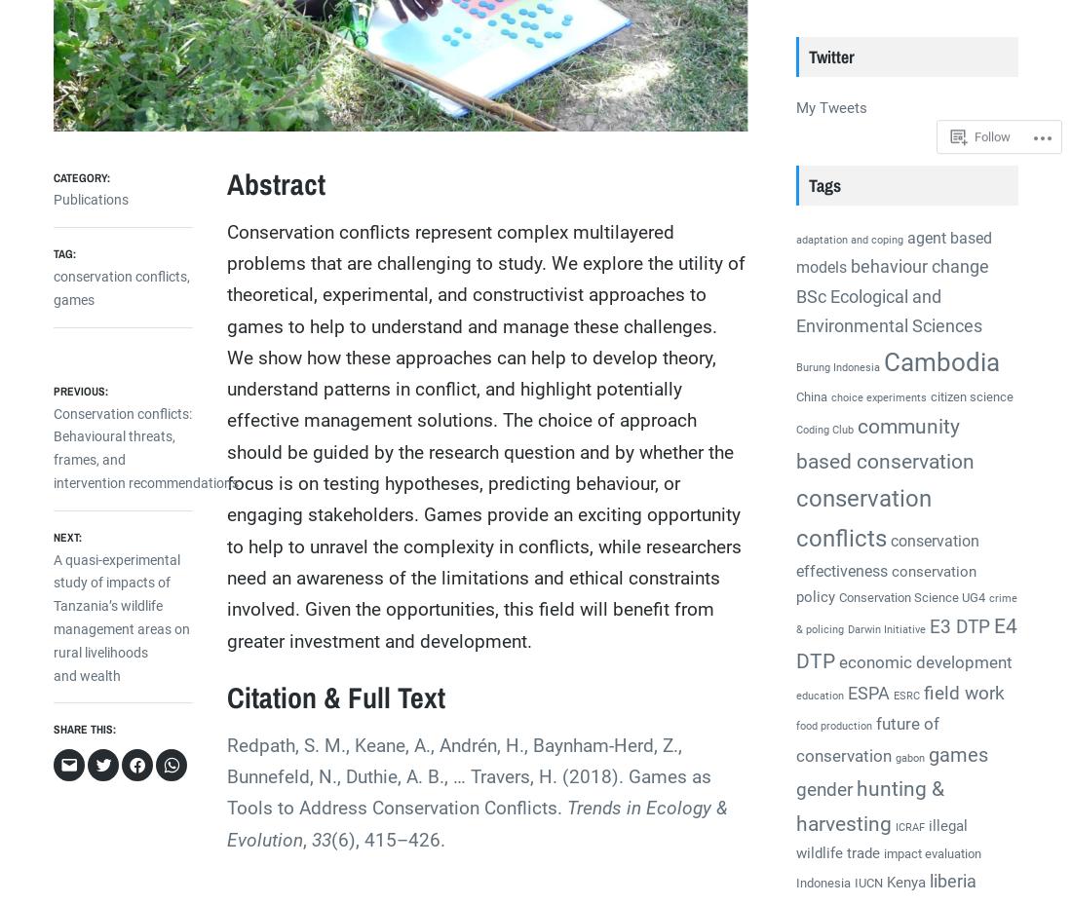 The height and width of the screenshot is (904, 1072). What do you see at coordinates (848, 239) in the screenshot?
I see `'adaptation and coping'` at bounding box center [848, 239].